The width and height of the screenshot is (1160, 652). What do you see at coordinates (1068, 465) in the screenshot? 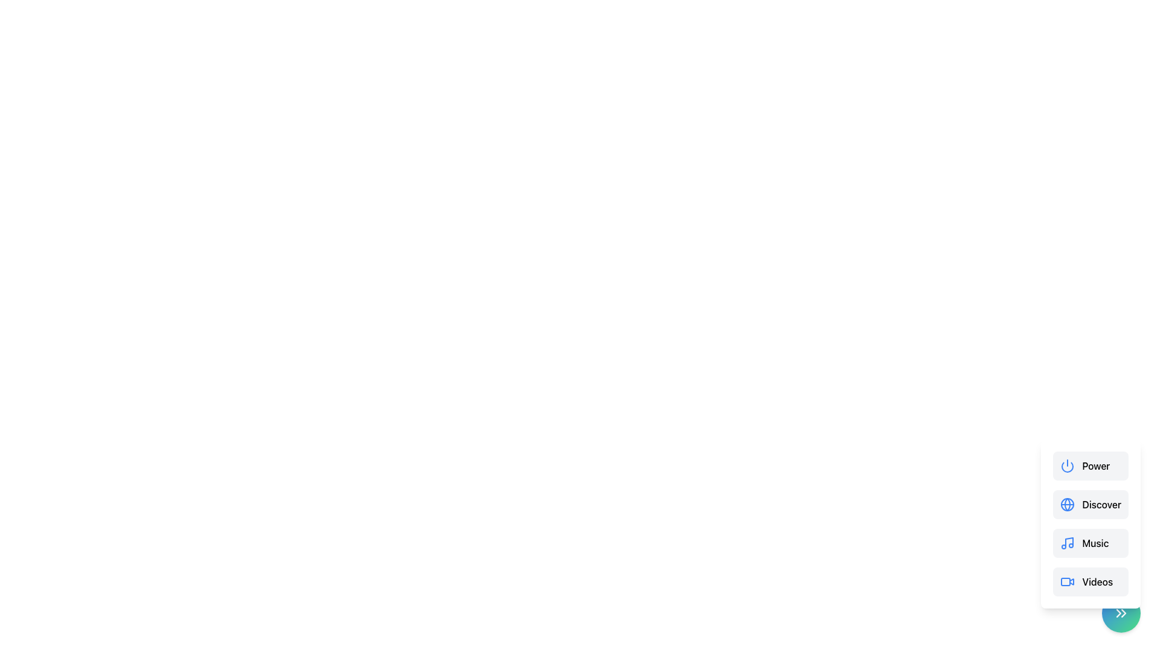
I see `the power symbol icon, which is colored blue and located next to the word 'Power' in the first menu item of a vertical list` at bounding box center [1068, 465].